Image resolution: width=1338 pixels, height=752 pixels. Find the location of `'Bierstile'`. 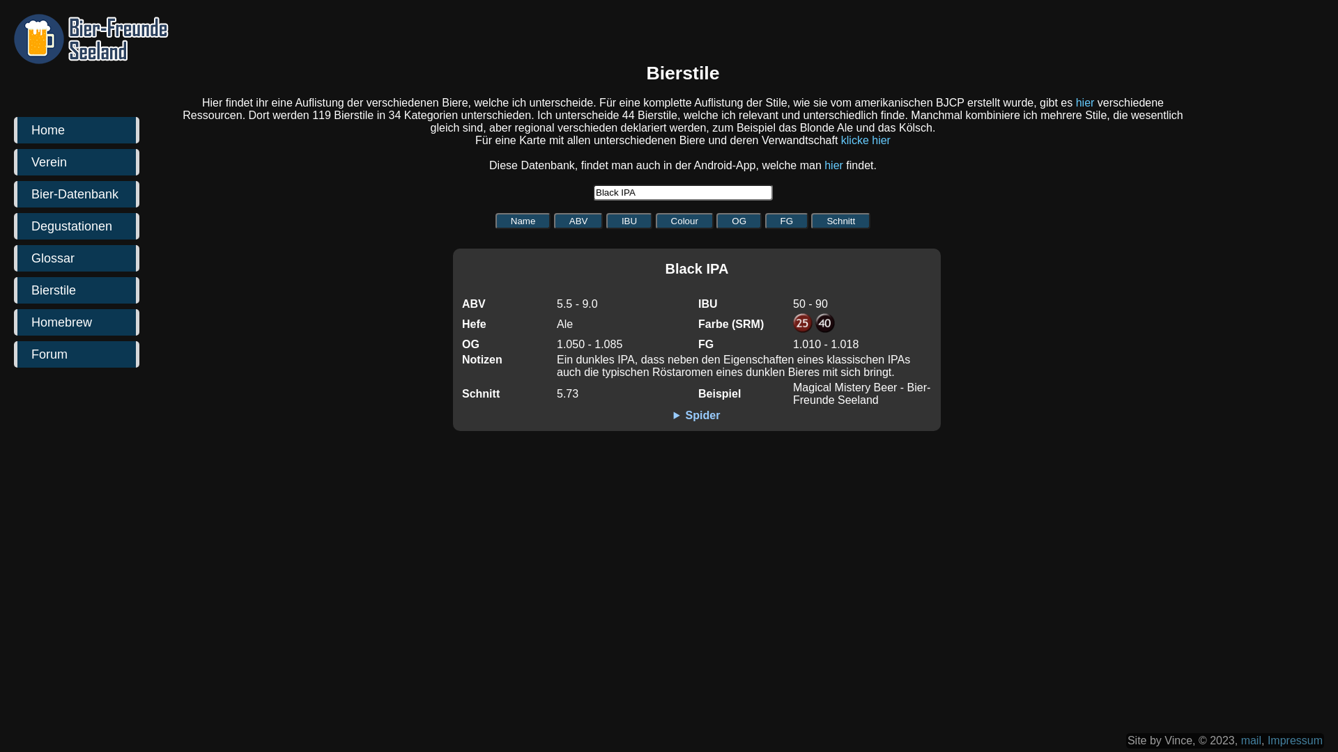

'Bierstile' is located at coordinates (76, 289).